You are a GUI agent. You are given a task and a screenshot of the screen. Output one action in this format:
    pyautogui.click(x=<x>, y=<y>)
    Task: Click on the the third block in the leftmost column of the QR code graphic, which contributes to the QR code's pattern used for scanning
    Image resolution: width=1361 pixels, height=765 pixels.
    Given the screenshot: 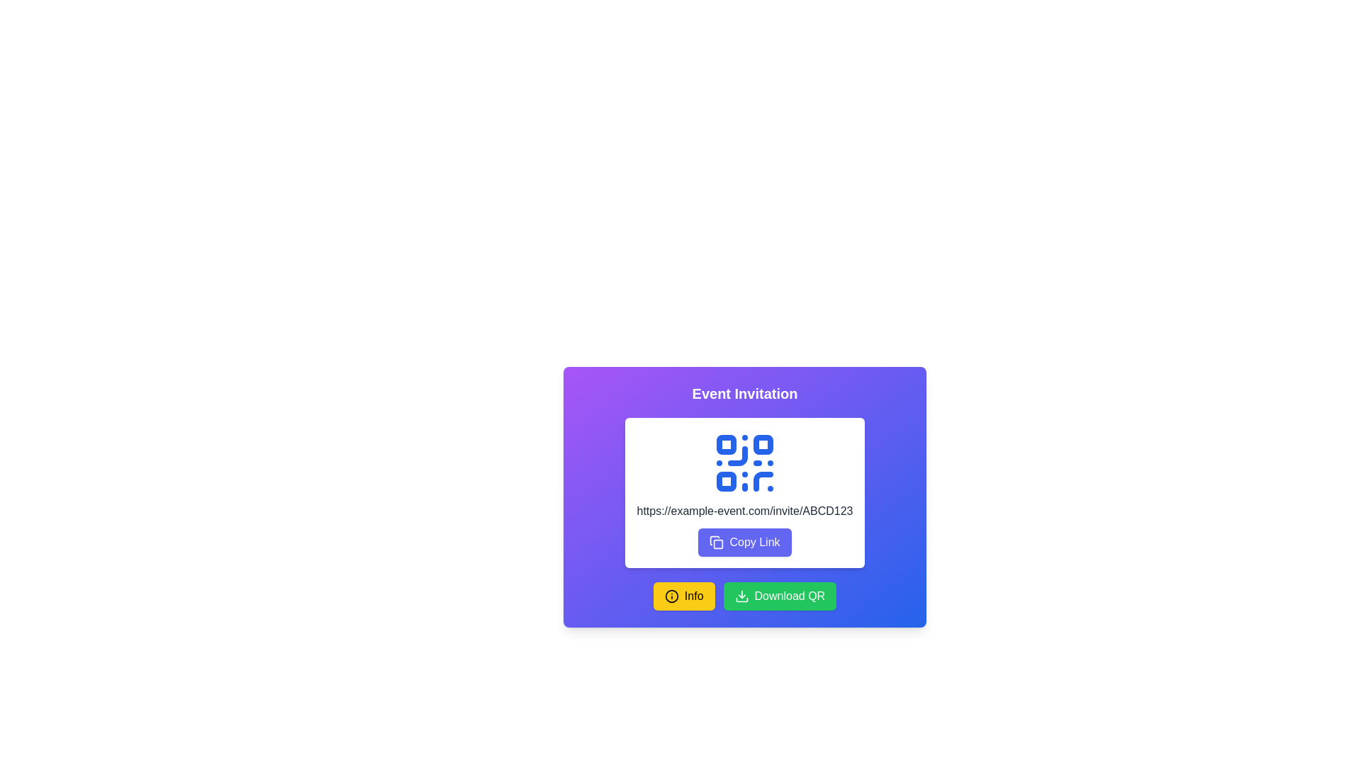 What is the action you would take?
    pyautogui.click(x=727, y=480)
    